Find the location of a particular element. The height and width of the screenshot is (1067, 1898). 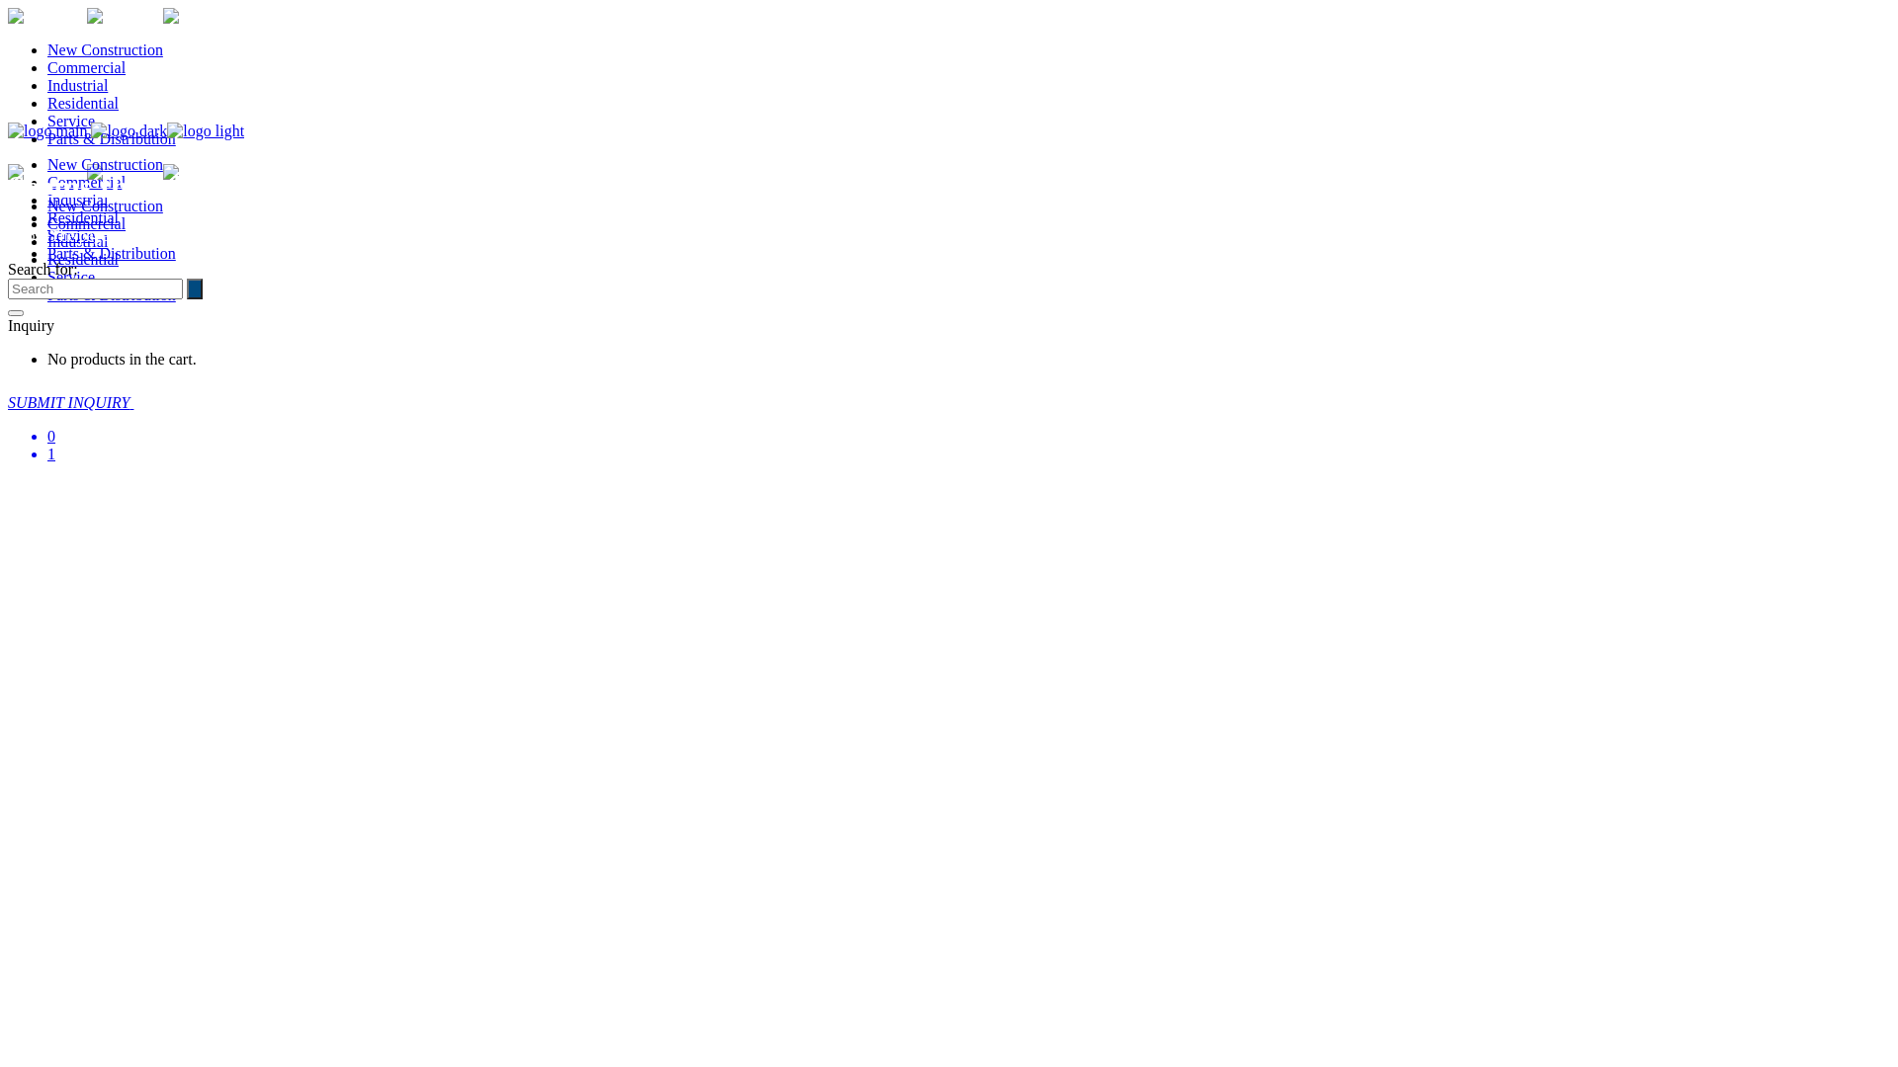

'Service' is located at coordinates (71, 234).